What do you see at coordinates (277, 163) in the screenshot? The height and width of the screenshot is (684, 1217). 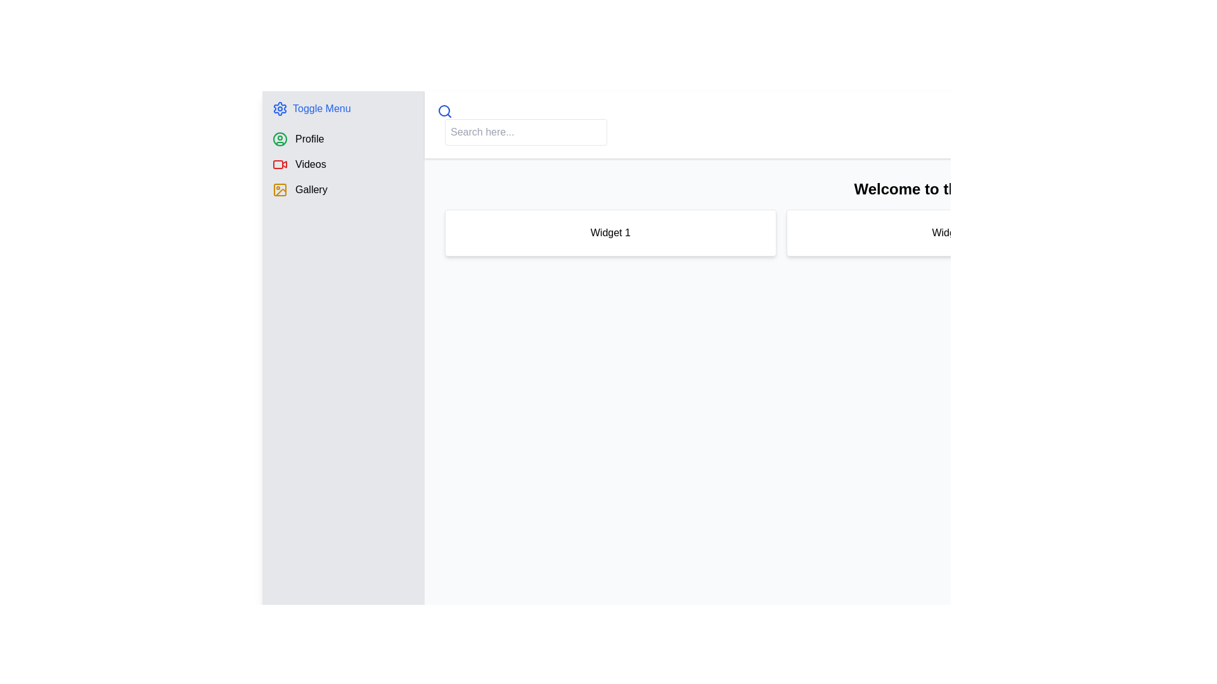 I see `the lower portion of the video camera icon, which is a small rectangular decorative component with rounded corners and no visible text or symbols` at bounding box center [277, 163].